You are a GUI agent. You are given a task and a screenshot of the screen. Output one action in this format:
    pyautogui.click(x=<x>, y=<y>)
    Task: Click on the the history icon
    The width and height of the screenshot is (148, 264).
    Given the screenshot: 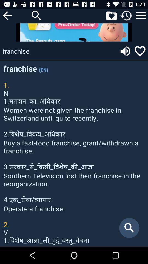 What is the action you would take?
    pyautogui.click(x=126, y=15)
    